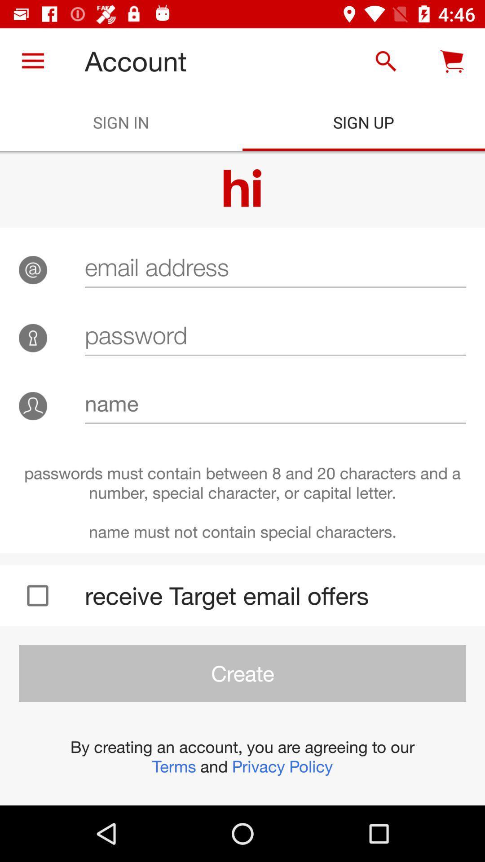 This screenshot has height=862, width=485. Describe the element at coordinates (385, 61) in the screenshot. I see `icon above sign up item` at that location.